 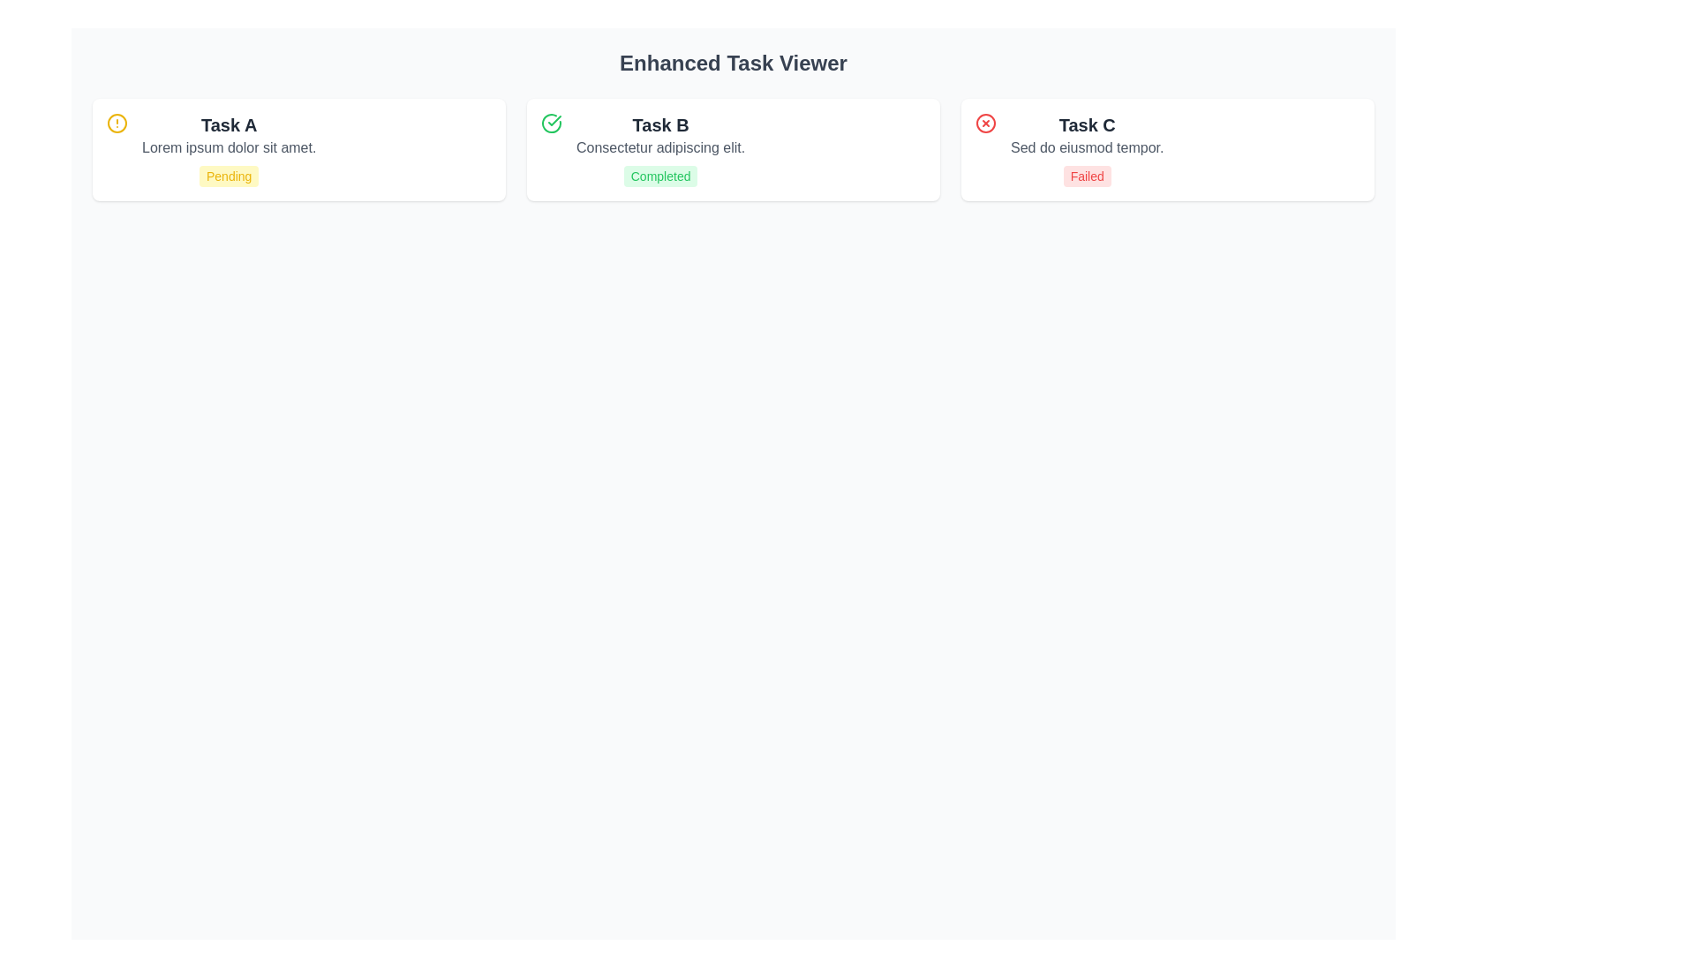 What do you see at coordinates (985, 122) in the screenshot?
I see `the decorative graphical element that forms the border of the red cancel icon associated with Task C, which visually emphasizes the error status` at bounding box center [985, 122].